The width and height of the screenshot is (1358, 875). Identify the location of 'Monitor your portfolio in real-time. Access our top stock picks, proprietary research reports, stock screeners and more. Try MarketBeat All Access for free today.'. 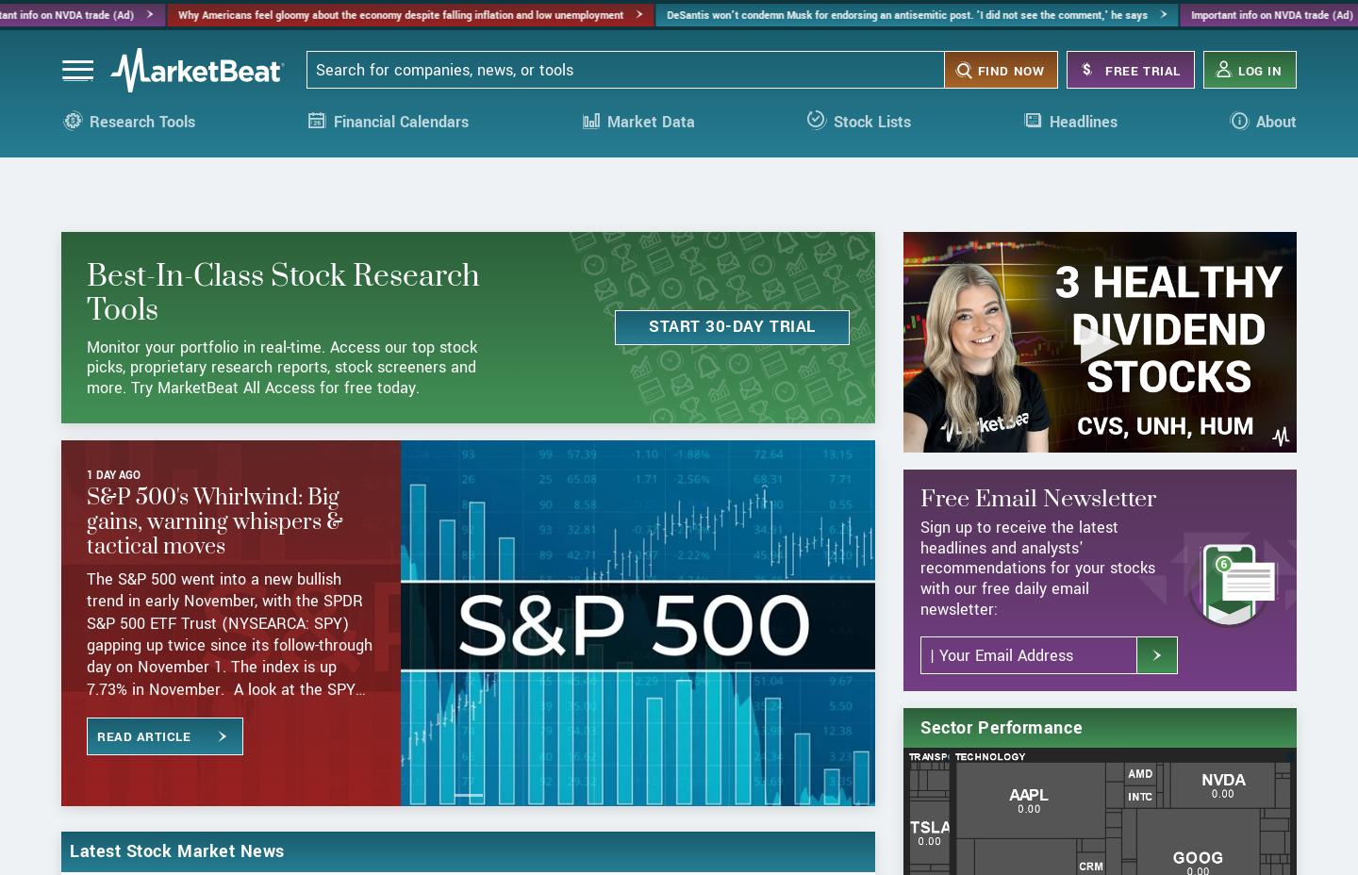
(280, 427).